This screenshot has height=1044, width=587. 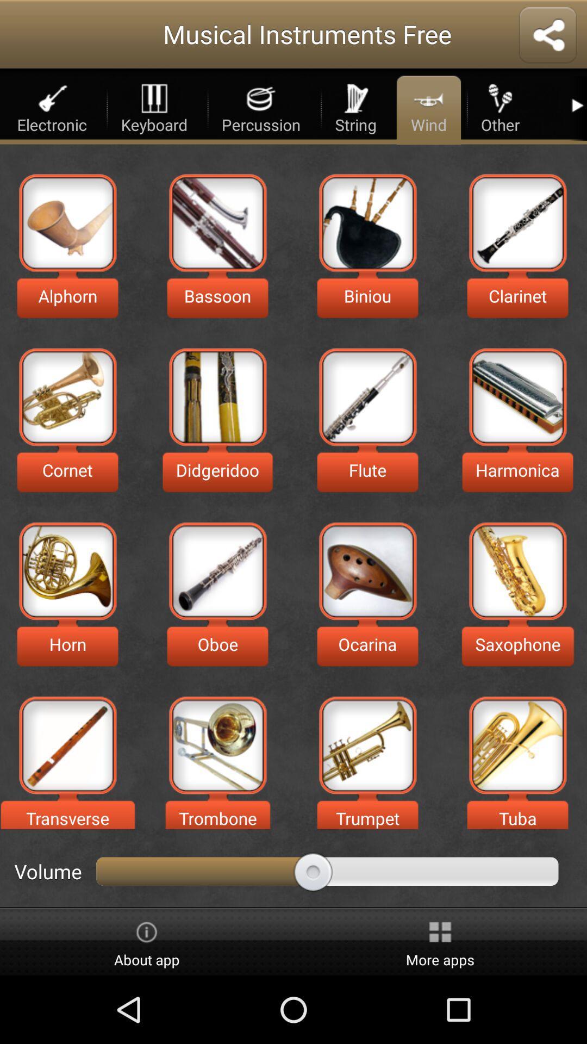 What do you see at coordinates (67, 570) in the screenshot?
I see `option` at bounding box center [67, 570].